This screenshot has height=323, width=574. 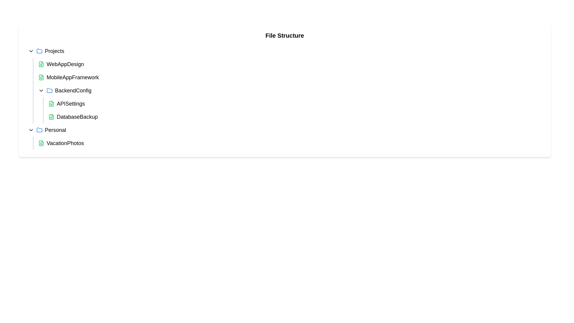 I want to click on the blue folder icon located to the left of the 'Personal' label, so click(x=39, y=130).